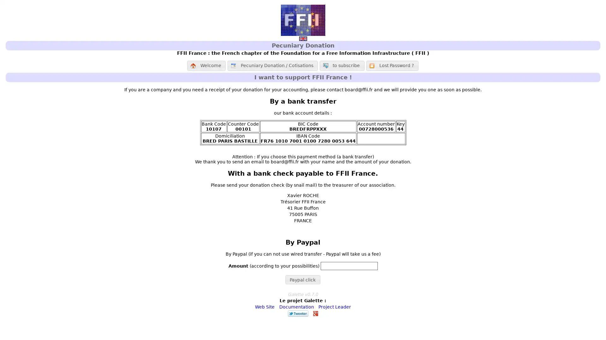 The height and width of the screenshot is (340, 606). What do you see at coordinates (342, 65) in the screenshot?
I see `to subscribe` at bounding box center [342, 65].